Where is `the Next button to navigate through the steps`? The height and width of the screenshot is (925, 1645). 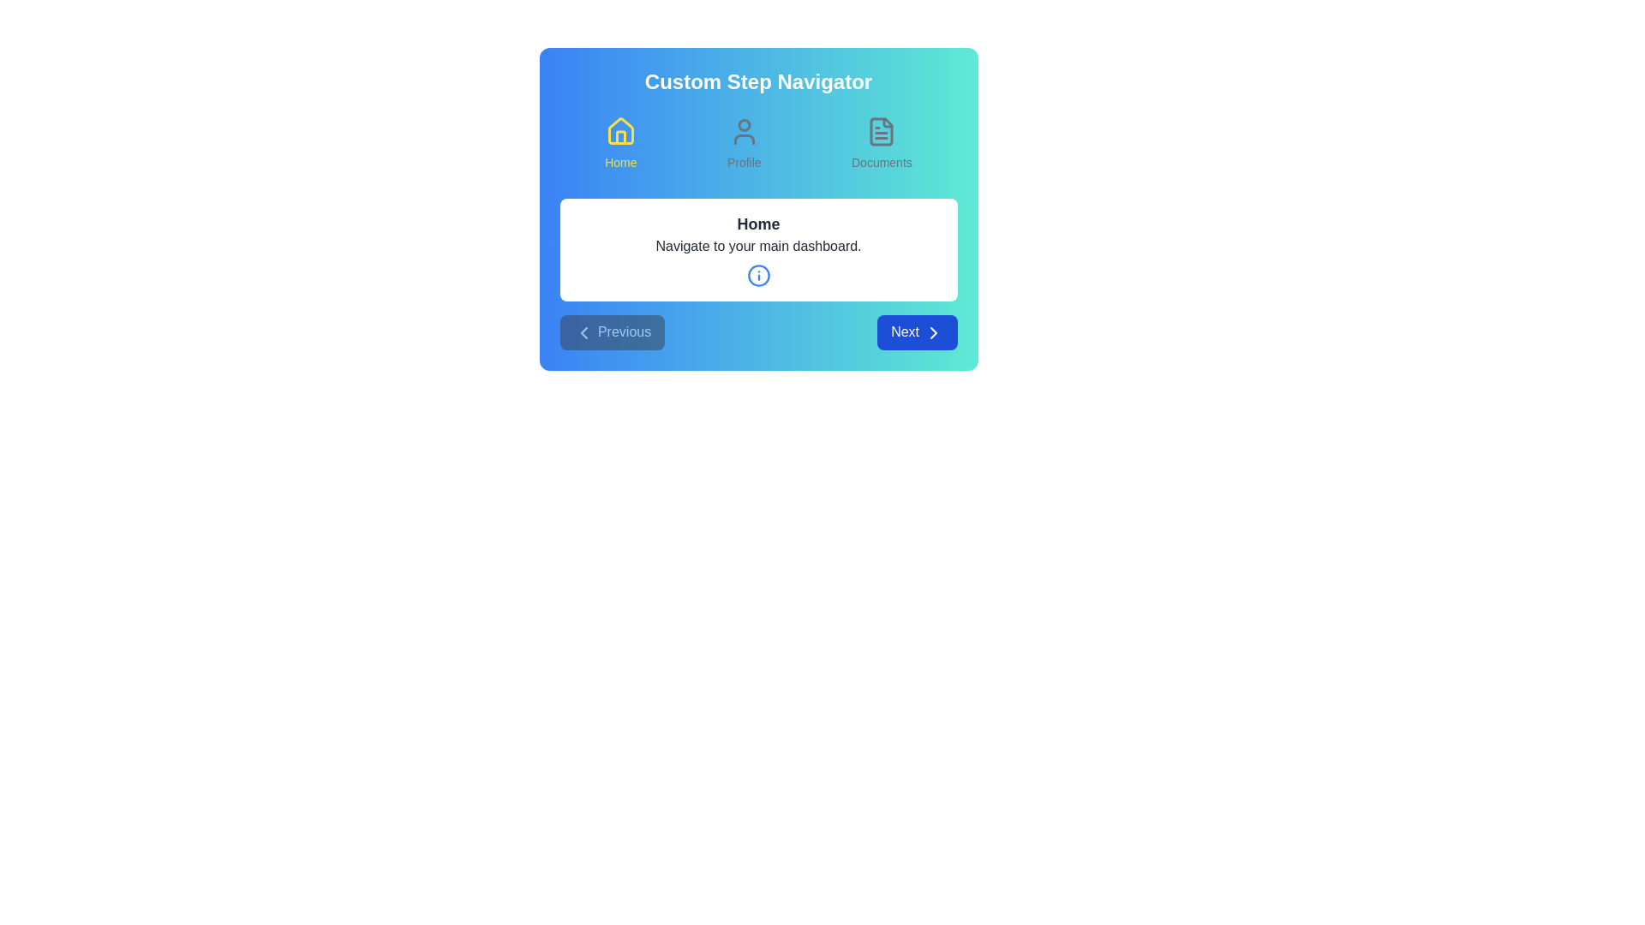 the Next button to navigate through the steps is located at coordinates (916, 332).